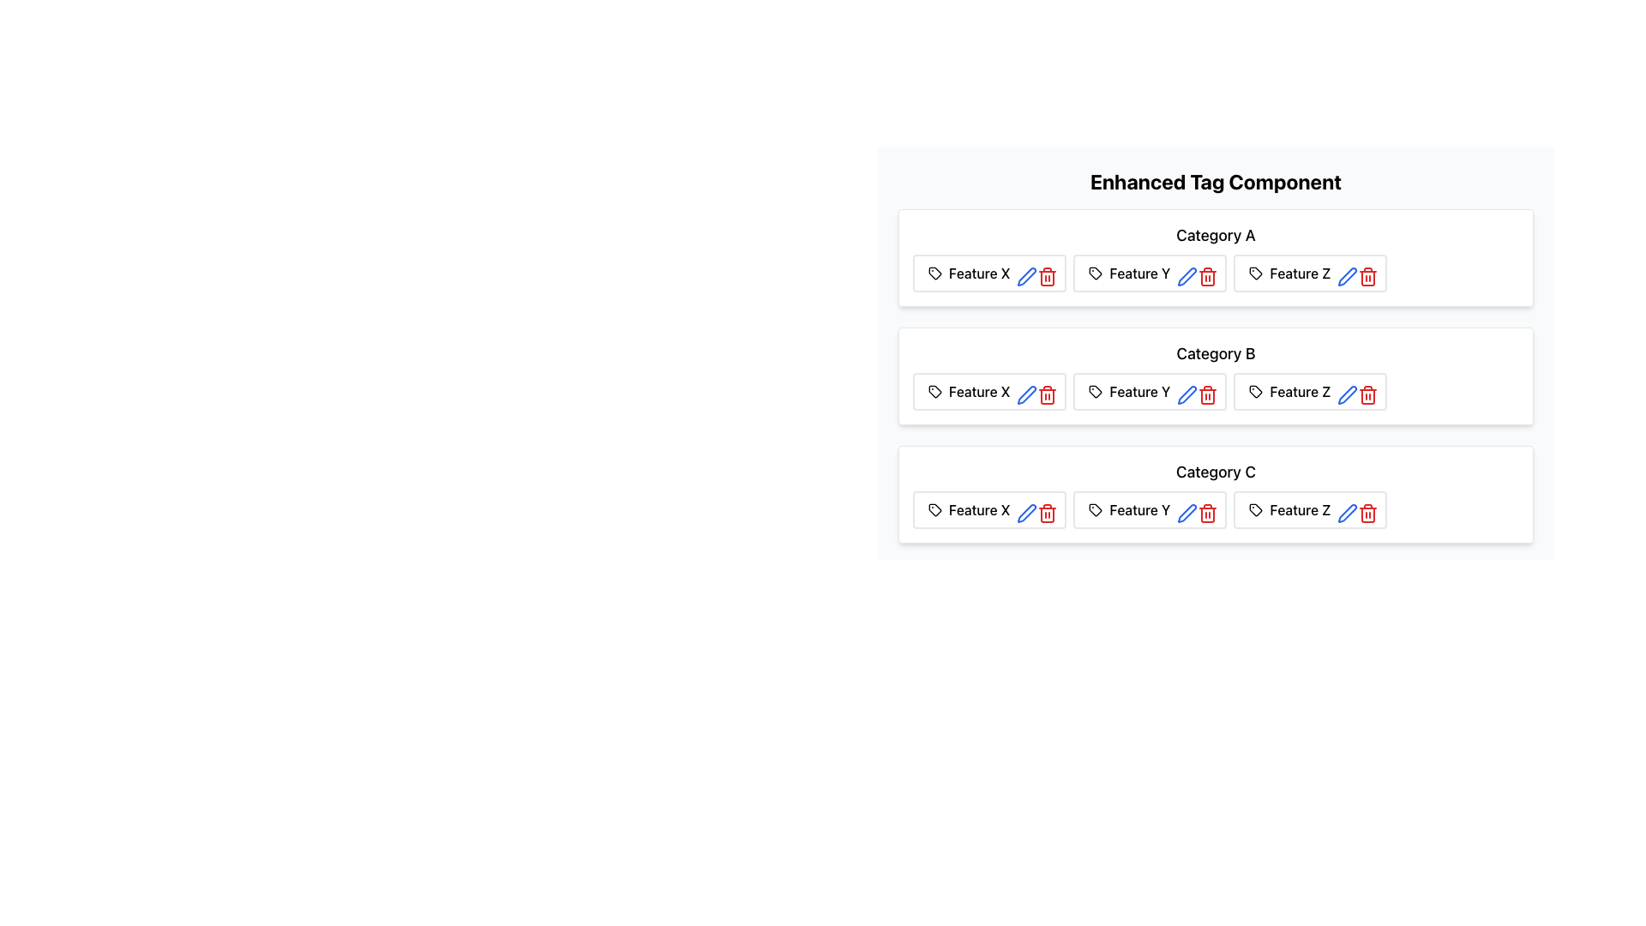  What do you see at coordinates (1186, 395) in the screenshot?
I see `the editing icon for 'Feature Y' located in the second row under 'Category B'` at bounding box center [1186, 395].